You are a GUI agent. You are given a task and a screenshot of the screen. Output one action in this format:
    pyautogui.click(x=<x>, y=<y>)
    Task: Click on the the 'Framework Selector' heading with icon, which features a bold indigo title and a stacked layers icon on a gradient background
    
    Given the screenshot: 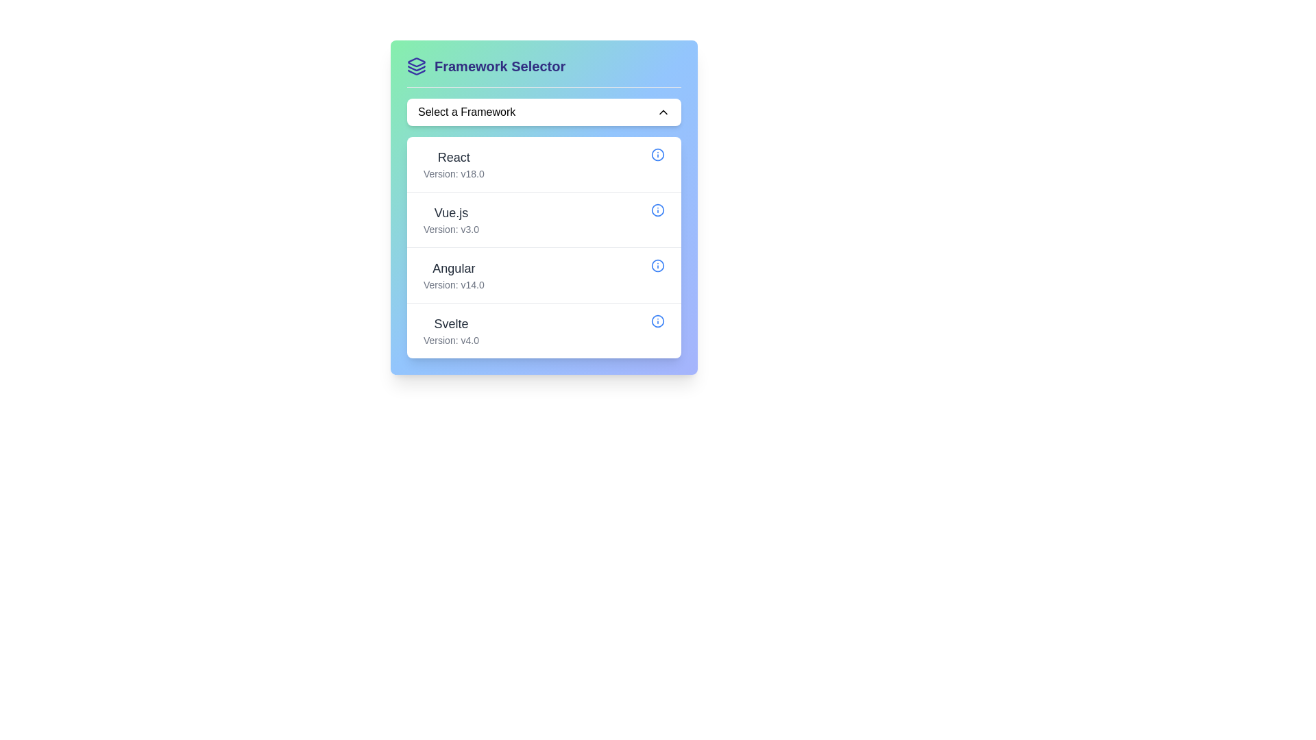 What is the action you would take?
    pyautogui.click(x=543, y=72)
    